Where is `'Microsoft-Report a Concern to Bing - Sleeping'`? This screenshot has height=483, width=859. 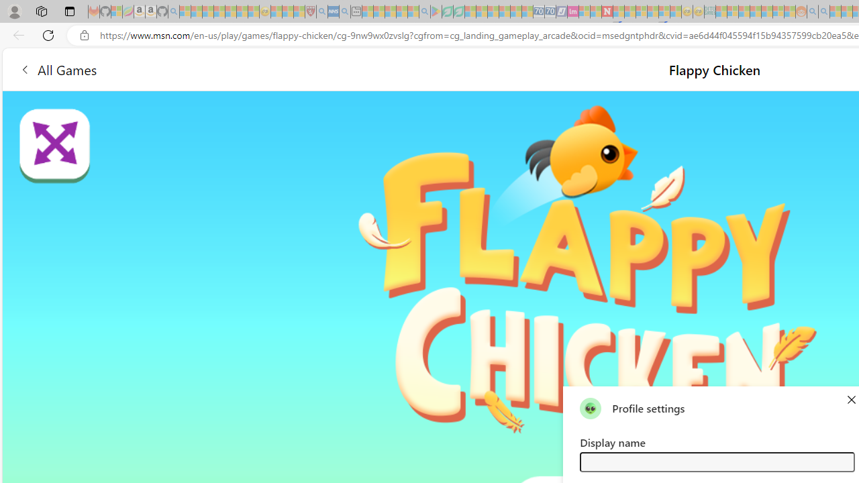 'Microsoft-Report a Concern to Bing - Sleeping' is located at coordinates (117, 11).